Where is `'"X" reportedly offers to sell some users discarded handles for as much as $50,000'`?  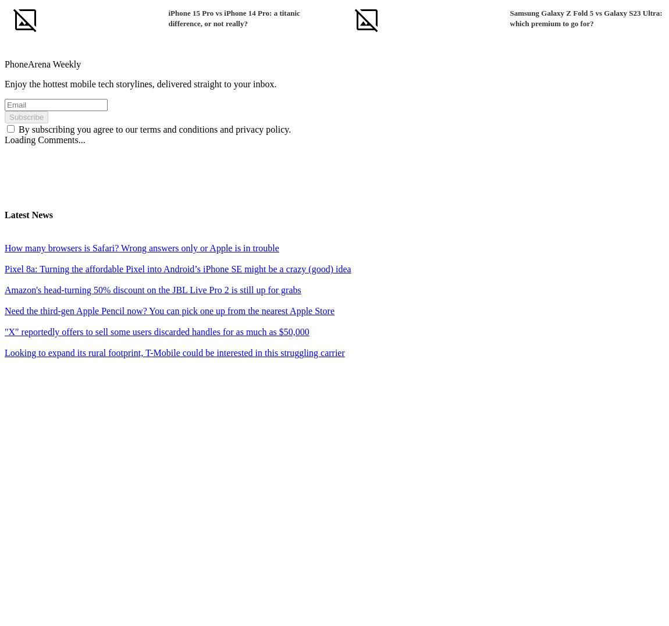 '"X" reportedly offers to sell some users discarded handles for as much as $50,000' is located at coordinates (4, 331).